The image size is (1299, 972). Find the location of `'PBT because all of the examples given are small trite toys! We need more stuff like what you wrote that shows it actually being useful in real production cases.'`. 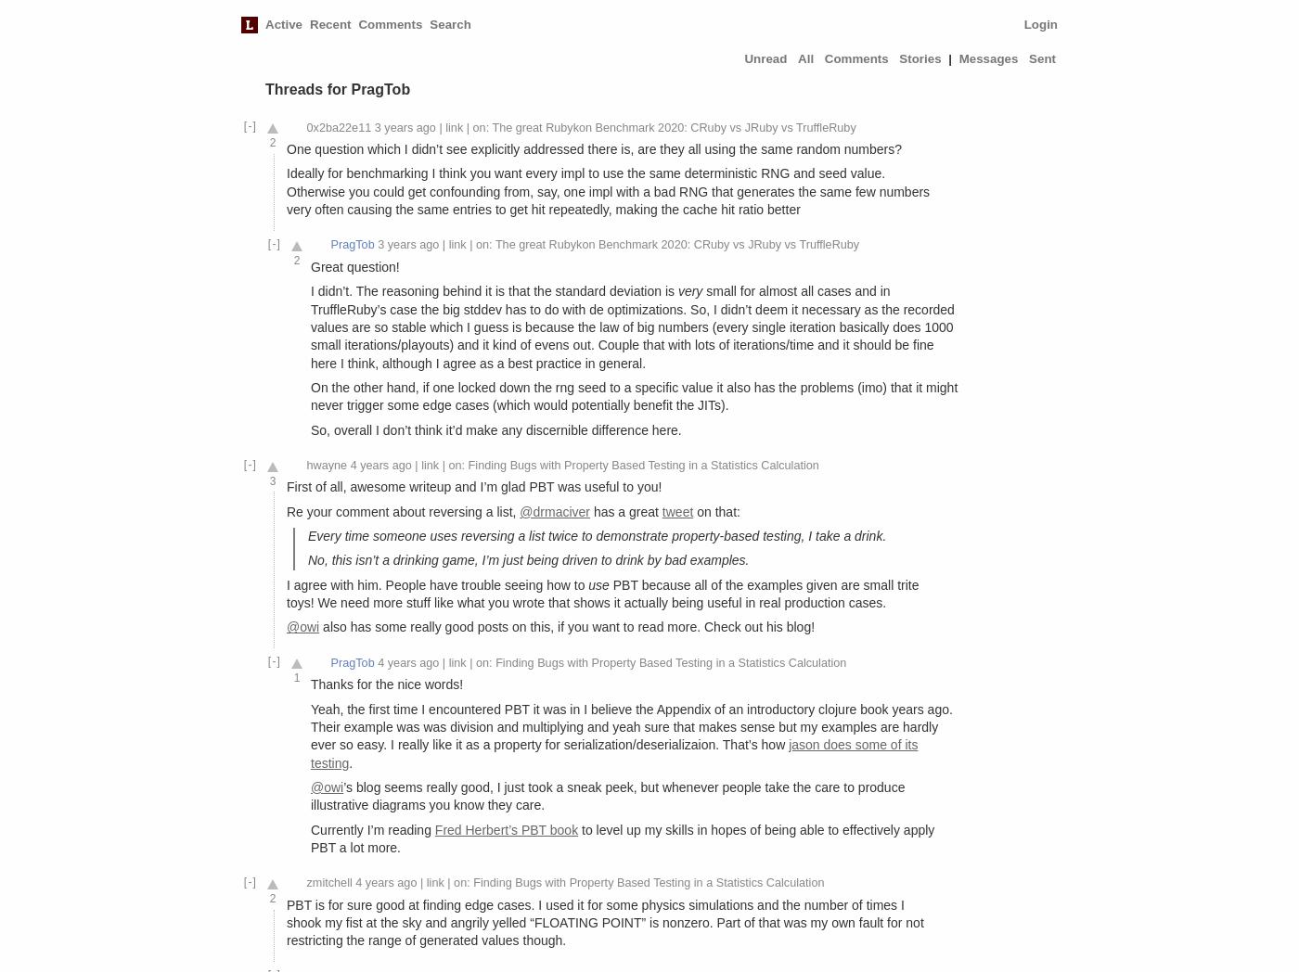

'PBT because all of the examples given are small trite toys! We need more stuff like what you wrote that shows it actually being useful in real production cases.' is located at coordinates (602, 593).